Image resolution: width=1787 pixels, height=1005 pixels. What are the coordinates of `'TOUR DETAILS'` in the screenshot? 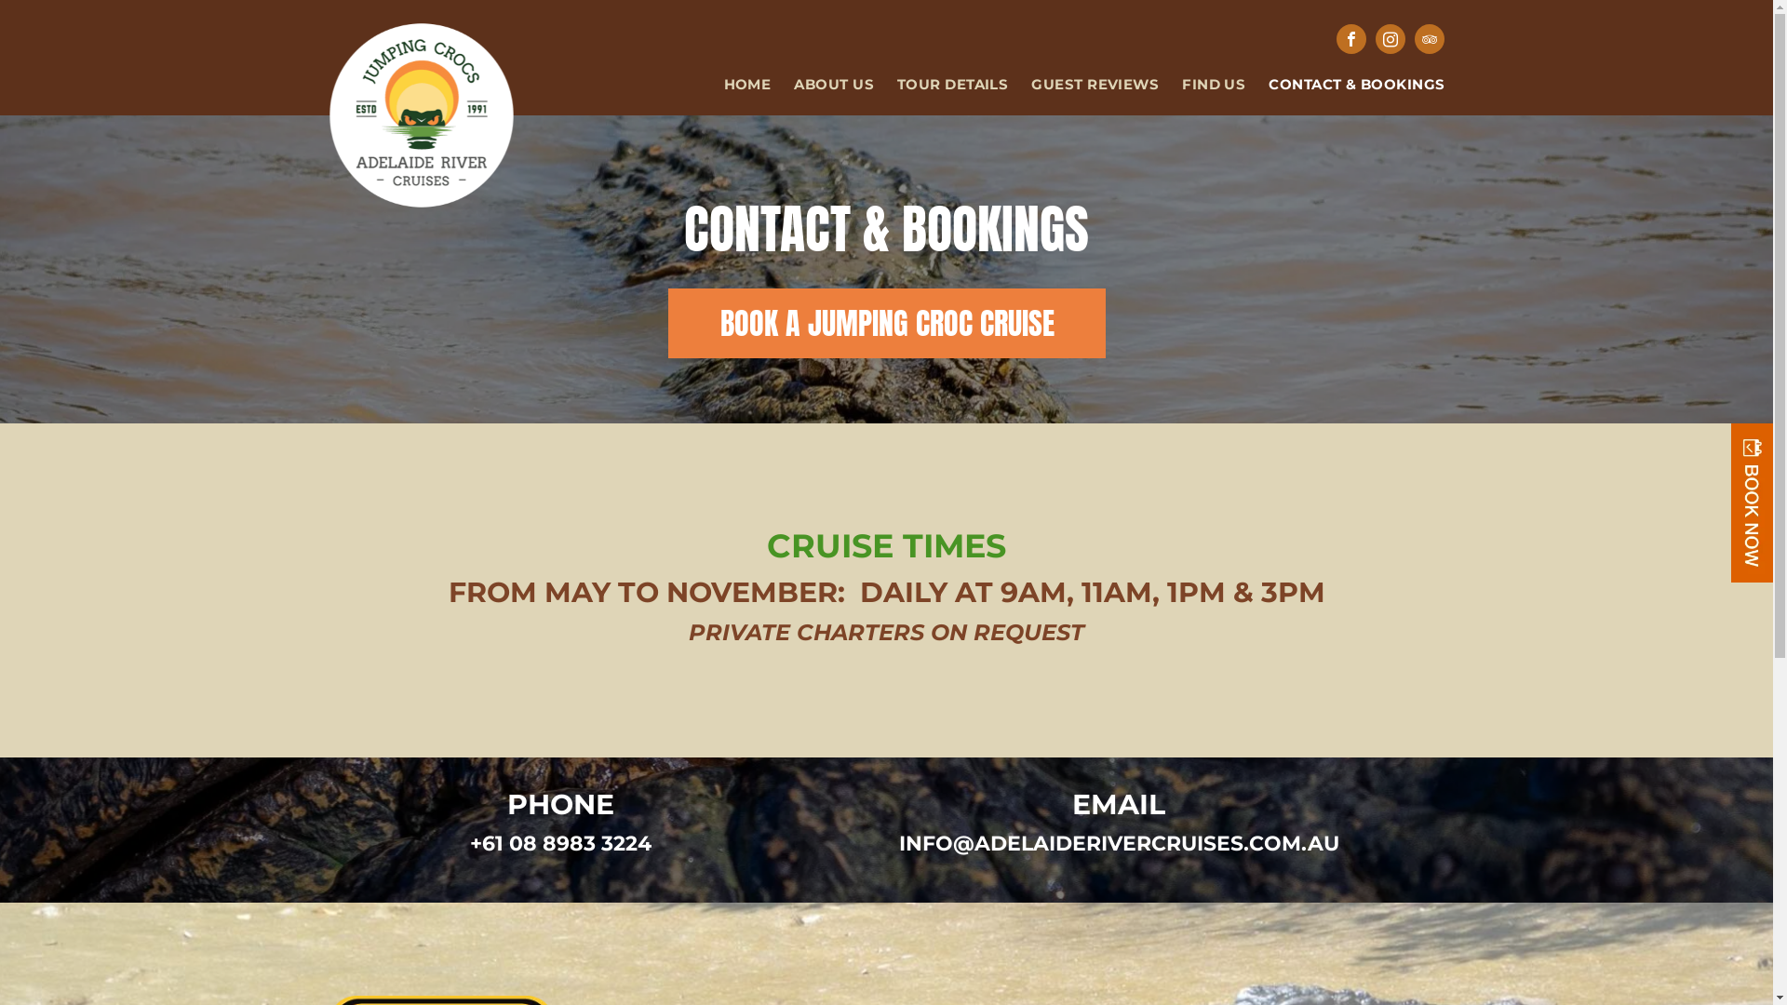 It's located at (941, 85).